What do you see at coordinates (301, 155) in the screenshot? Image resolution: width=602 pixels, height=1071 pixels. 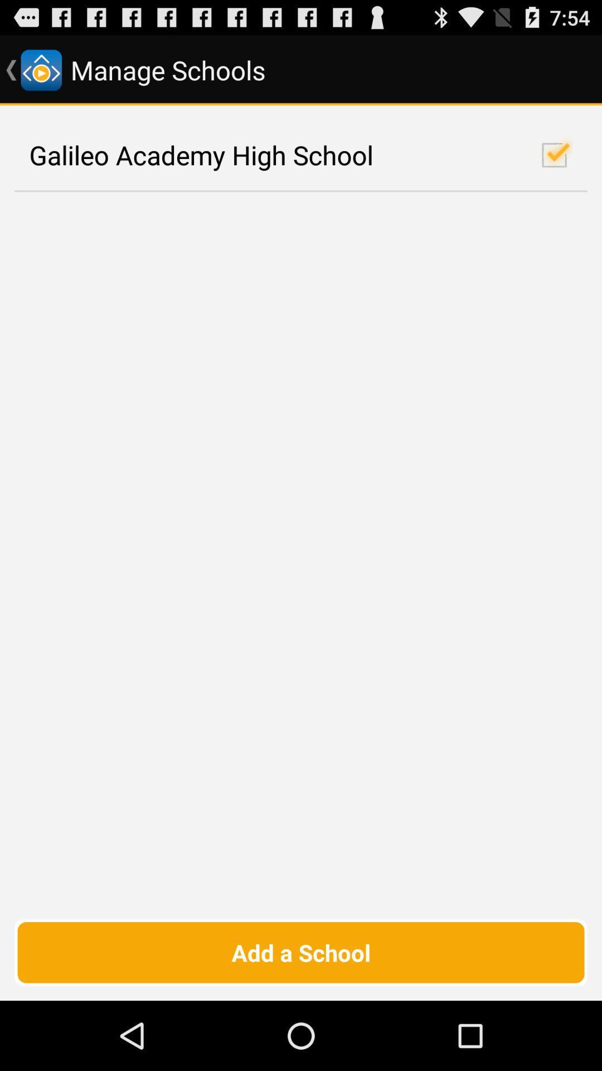 I see `galileo academy high checkbox` at bounding box center [301, 155].